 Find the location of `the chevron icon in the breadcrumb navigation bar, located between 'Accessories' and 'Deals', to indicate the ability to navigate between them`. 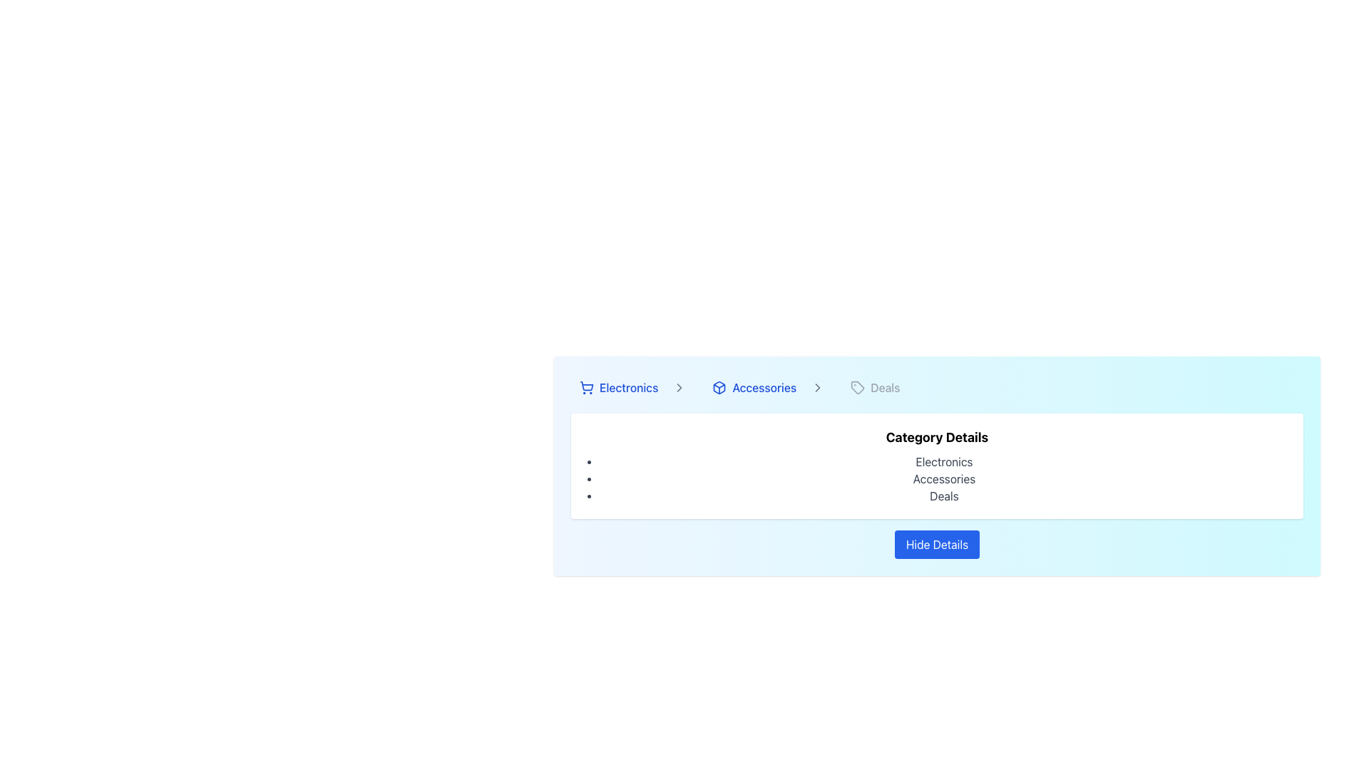

the chevron icon in the breadcrumb navigation bar, located between 'Accessories' and 'Deals', to indicate the ability to navigate between them is located at coordinates (818, 387).